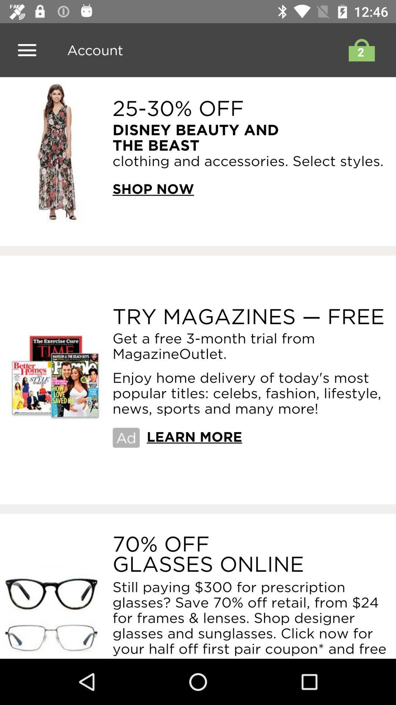  Describe the element at coordinates (359, 50) in the screenshot. I see `cart` at that location.